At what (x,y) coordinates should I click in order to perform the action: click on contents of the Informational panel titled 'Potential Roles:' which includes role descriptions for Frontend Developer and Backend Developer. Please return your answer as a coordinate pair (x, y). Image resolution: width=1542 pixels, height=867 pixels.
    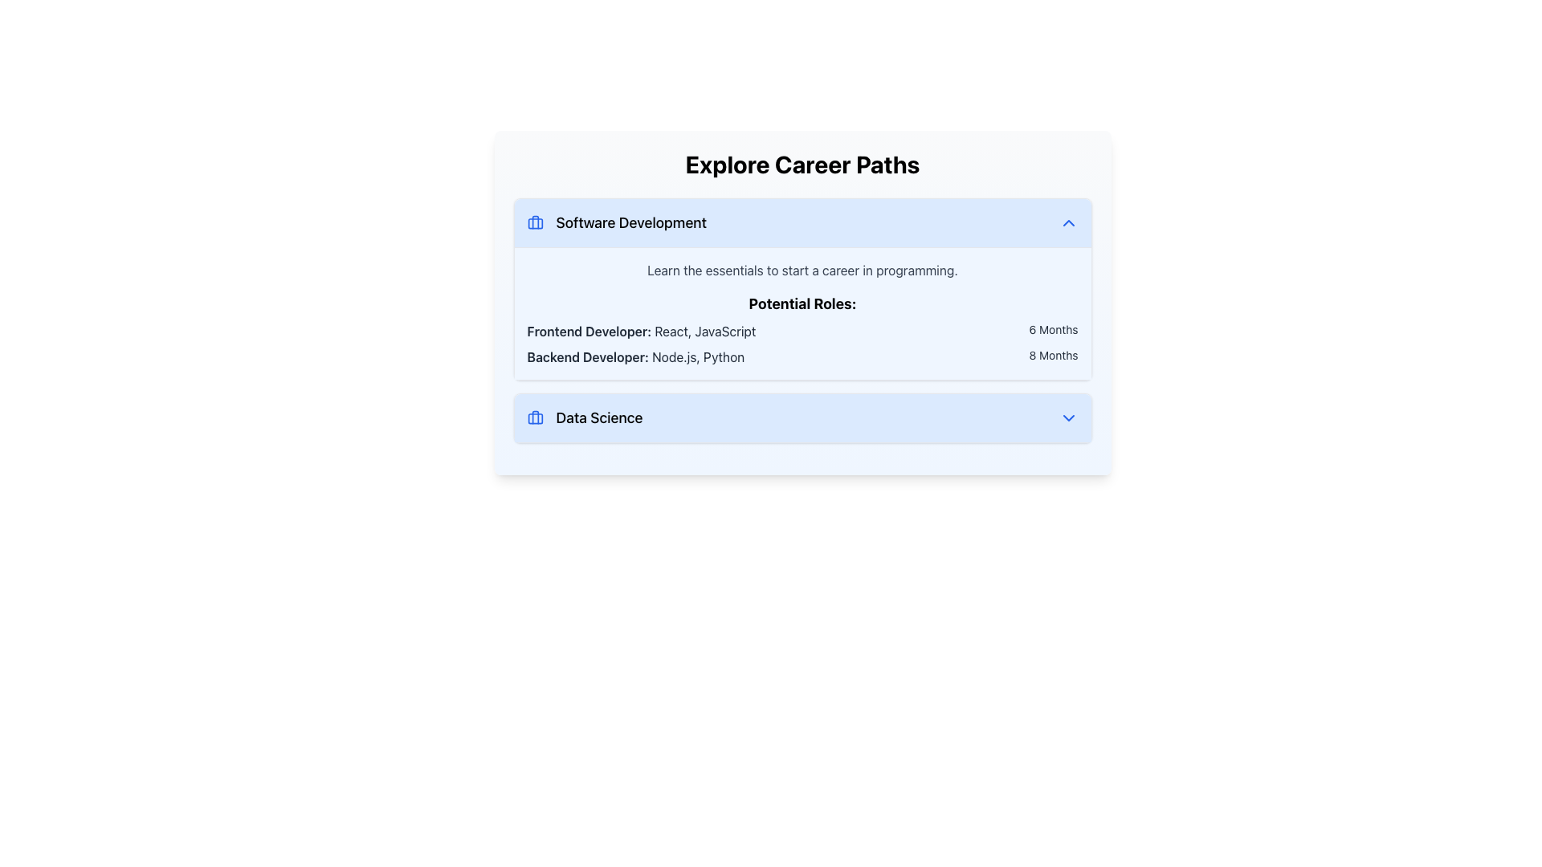
    Looking at the image, I should click on (802, 313).